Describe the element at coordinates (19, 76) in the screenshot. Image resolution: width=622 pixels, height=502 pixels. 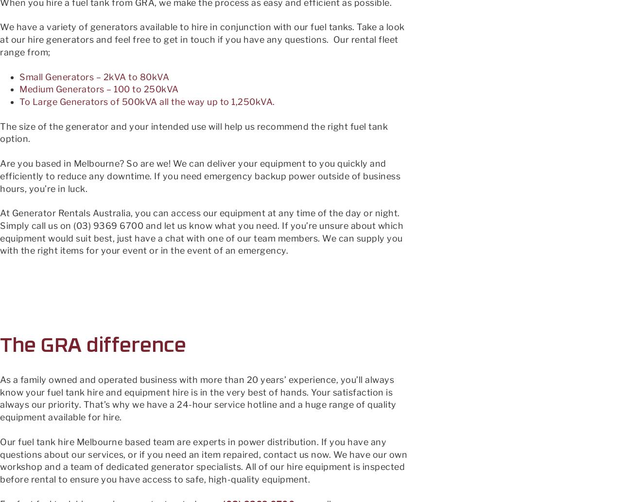
I see `'Small Generators – 2kVA to 80kVA'` at that location.